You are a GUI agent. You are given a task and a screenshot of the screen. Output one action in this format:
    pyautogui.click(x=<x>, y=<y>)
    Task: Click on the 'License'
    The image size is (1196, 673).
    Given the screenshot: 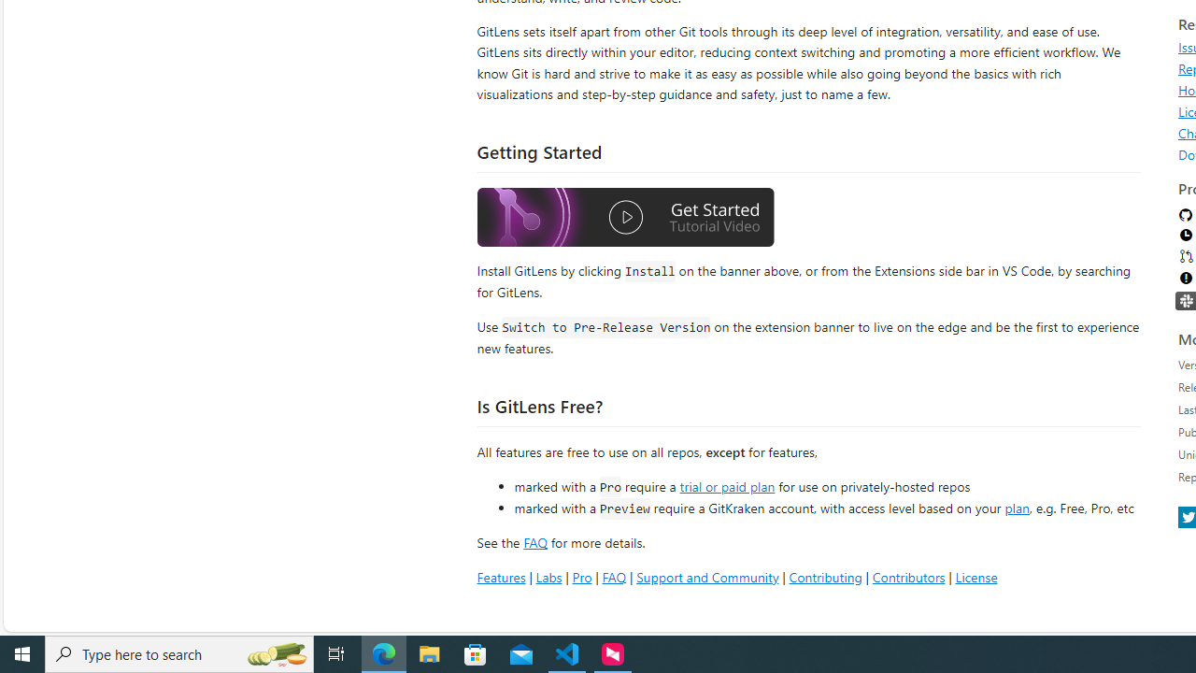 What is the action you would take?
    pyautogui.click(x=975, y=576)
    